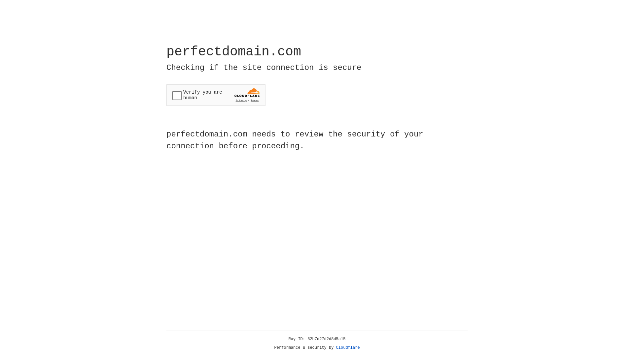 This screenshot has height=356, width=634. Describe the element at coordinates (216, 95) in the screenshot. I see `'Widget containing a Cloudflare security challenge'` at that location.